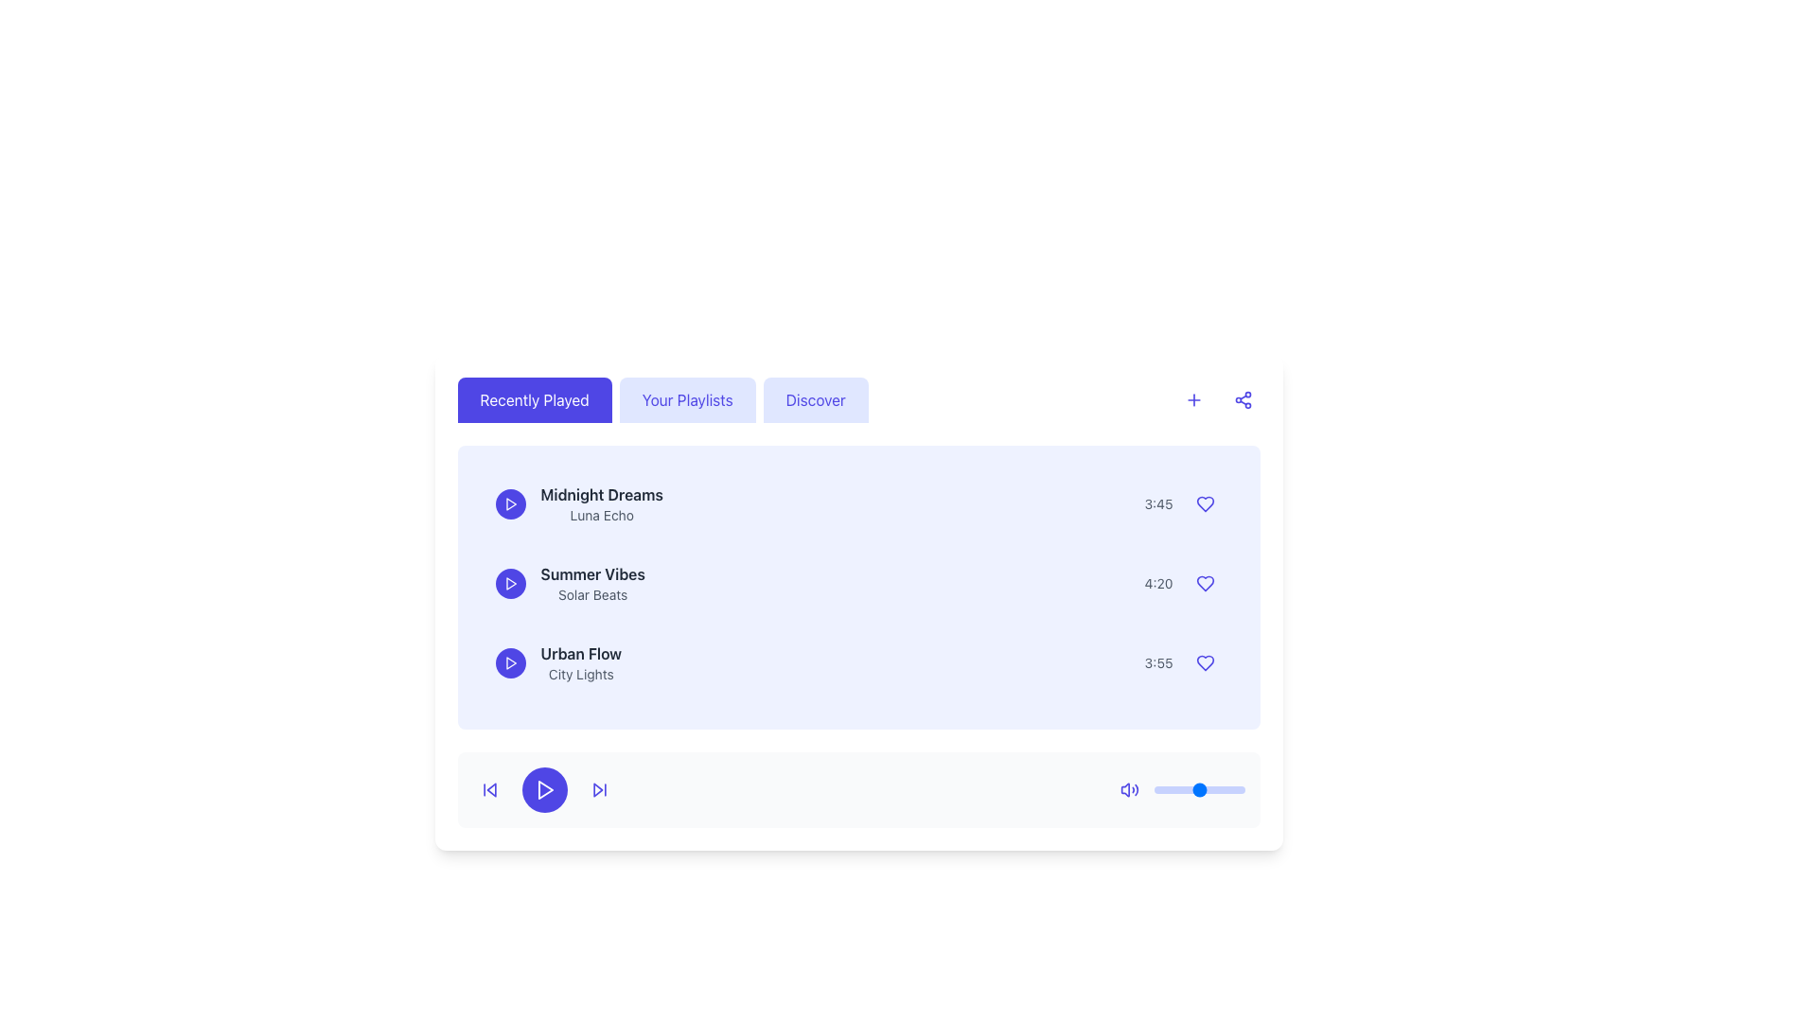 The height and width of the screenshot is (1022, 1817). Describe the element at coordinates (580, 662) in the screenshot. I see `the text label representing a music track entry` at that location.